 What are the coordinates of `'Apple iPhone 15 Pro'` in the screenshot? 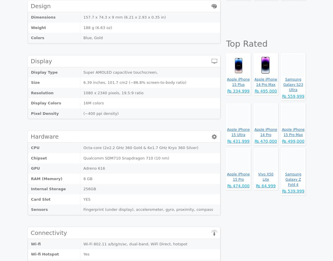 It's located at (238, 177).